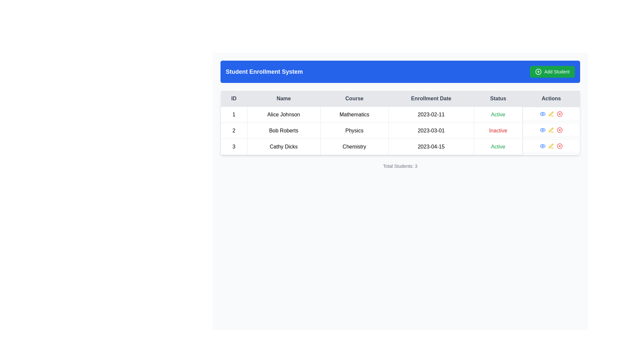  I want to click on the SVG icon representing a circle with a '+' symbol, located to the left of the 'Add Student' text within the green button in the upper right corner of the interface, so click(538, 72).